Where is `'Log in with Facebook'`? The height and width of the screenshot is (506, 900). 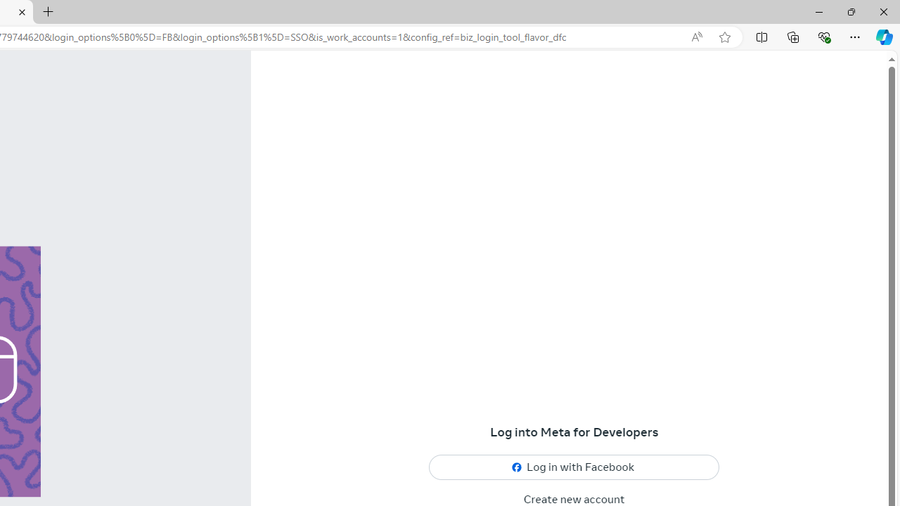
'Log in with Facebook' is located at coordinates (574, 467).